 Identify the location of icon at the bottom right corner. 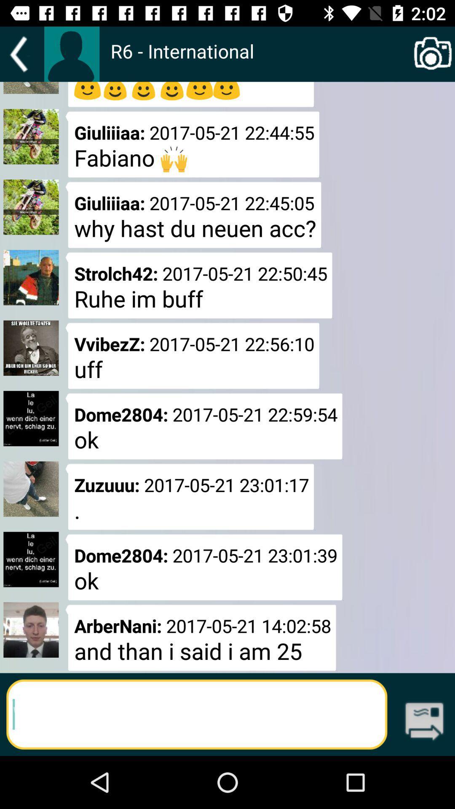
(424, 722).